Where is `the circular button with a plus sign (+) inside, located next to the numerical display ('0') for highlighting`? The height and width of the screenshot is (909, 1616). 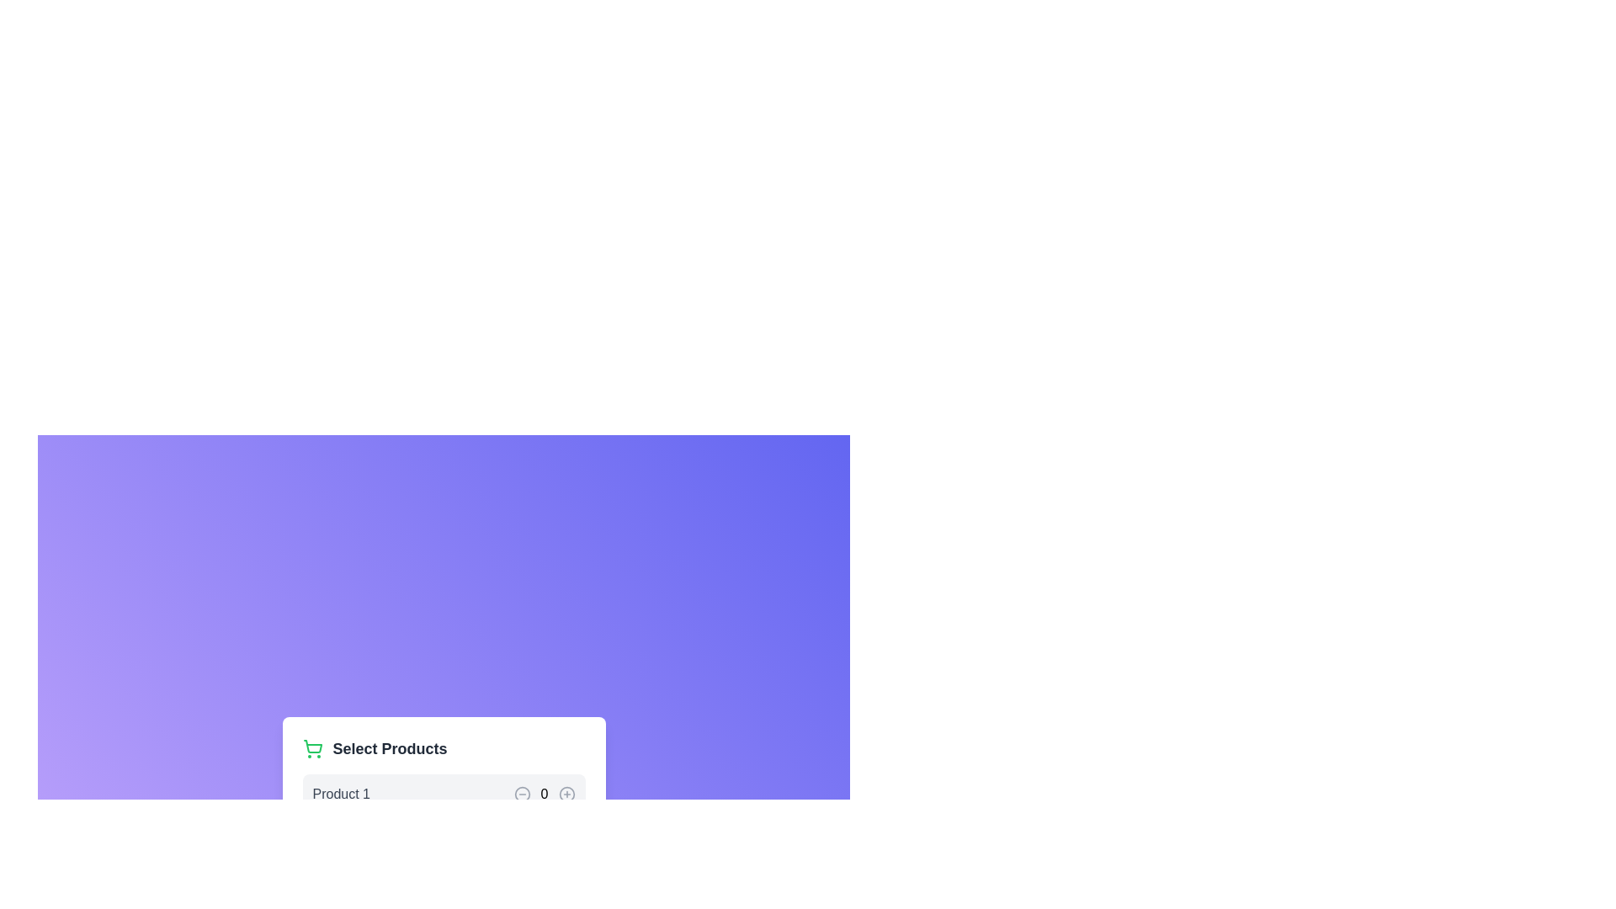
the circular button with a plus sign (+) inside, located next to the numerical display ('0') for highlighting is located at coordinates (566, 841).